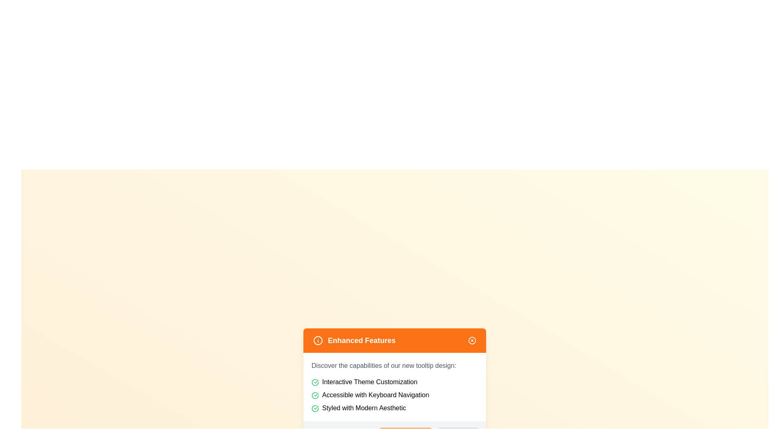 Image resolution: width=783 pixels, height=440 pixels. Describe the element at coordinates (314, 408) in the screenshot. I see `the green rounded check icon, which serves as a confirmation indicator, located to the left of the text 'Styled with Modern Aesthetic' in the tooltip card titled 'Enhanced Features'` at that location.